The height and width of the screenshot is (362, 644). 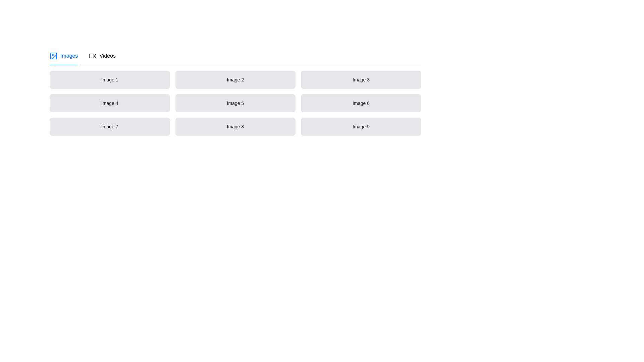 What do you see at coordinates (64, 55) in the screenshot?
I see `the 'Images' tab, which features a blue underline and a picture icon` at bounding box center [64, 55].